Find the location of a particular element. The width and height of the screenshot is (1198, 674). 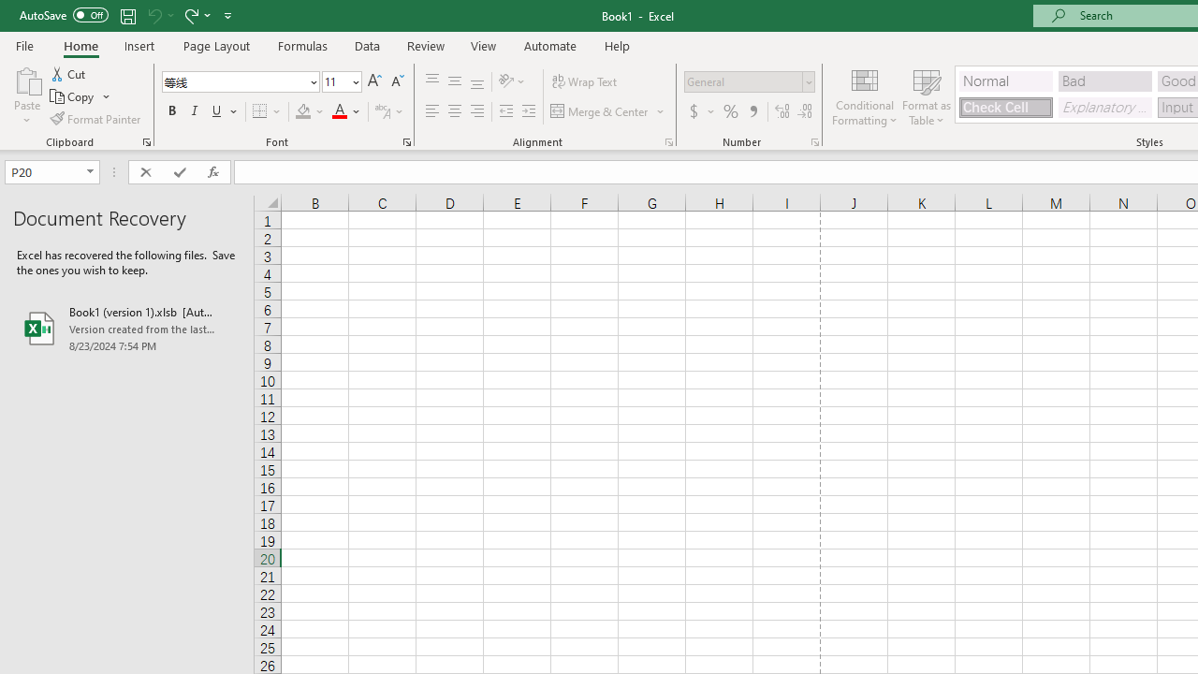

'Center' is located at coordinates (454, 111).